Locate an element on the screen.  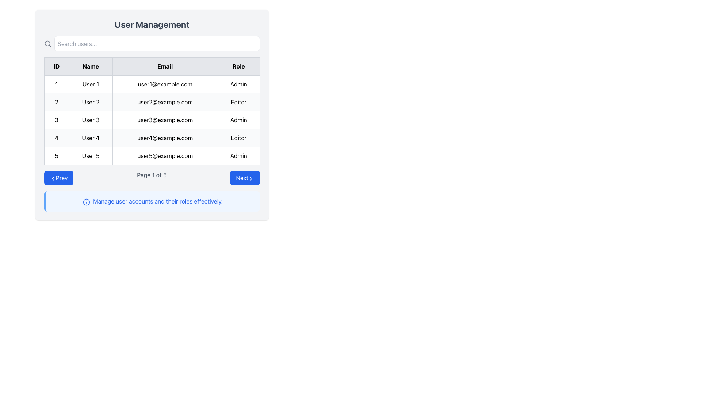
the text displaying 'user5@example.com' located in the fifth row of the table under the 'Email' column is located at coordinates (165, 155).